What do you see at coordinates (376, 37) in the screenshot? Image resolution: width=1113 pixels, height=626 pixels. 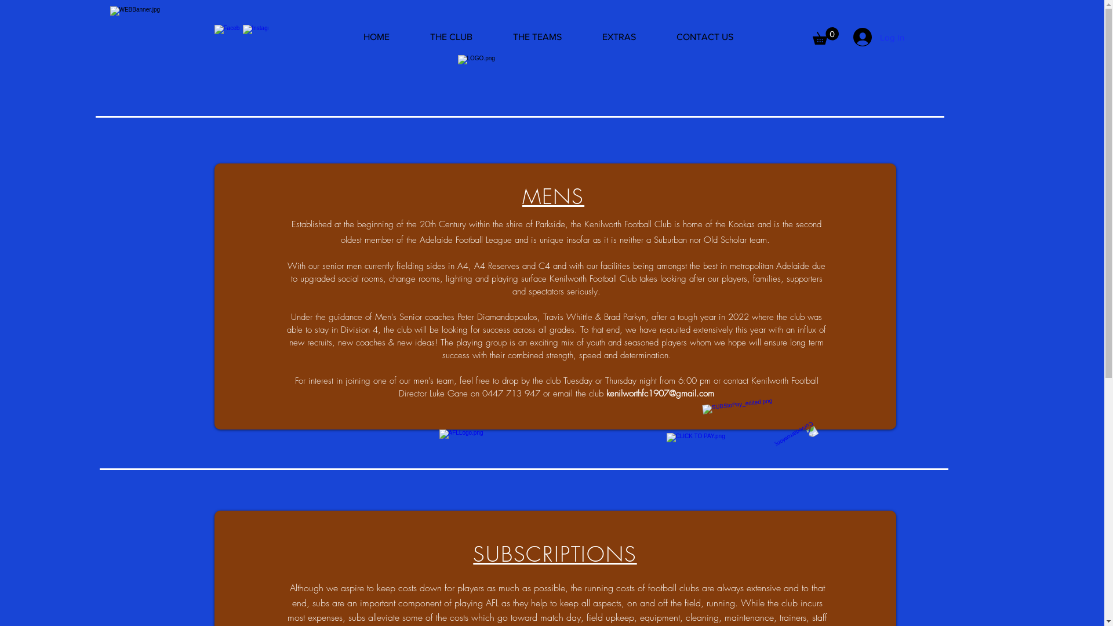 I see `'HOME'` at bounding box center [376, 37].